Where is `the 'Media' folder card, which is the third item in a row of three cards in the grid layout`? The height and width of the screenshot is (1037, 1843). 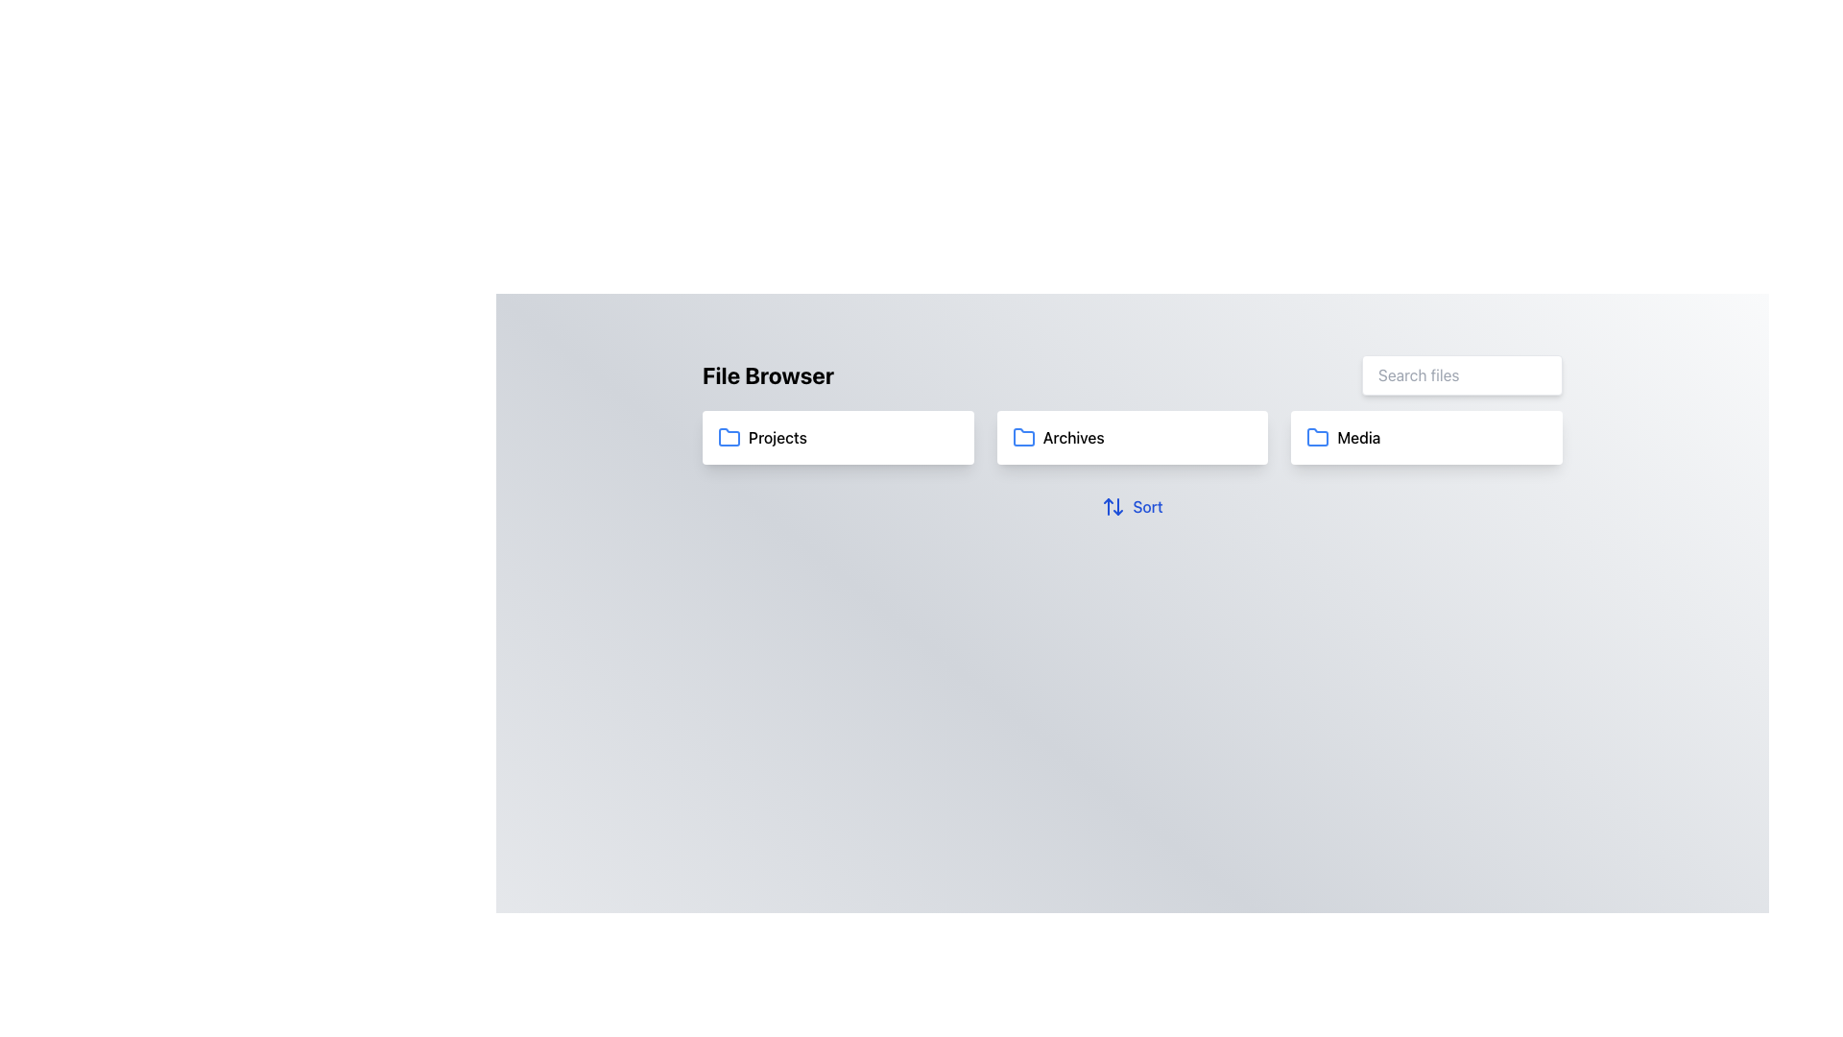
the 'Media' folder card, which is the third item in a row of three cards in the grid layout is located at coordinates (1426, 437).